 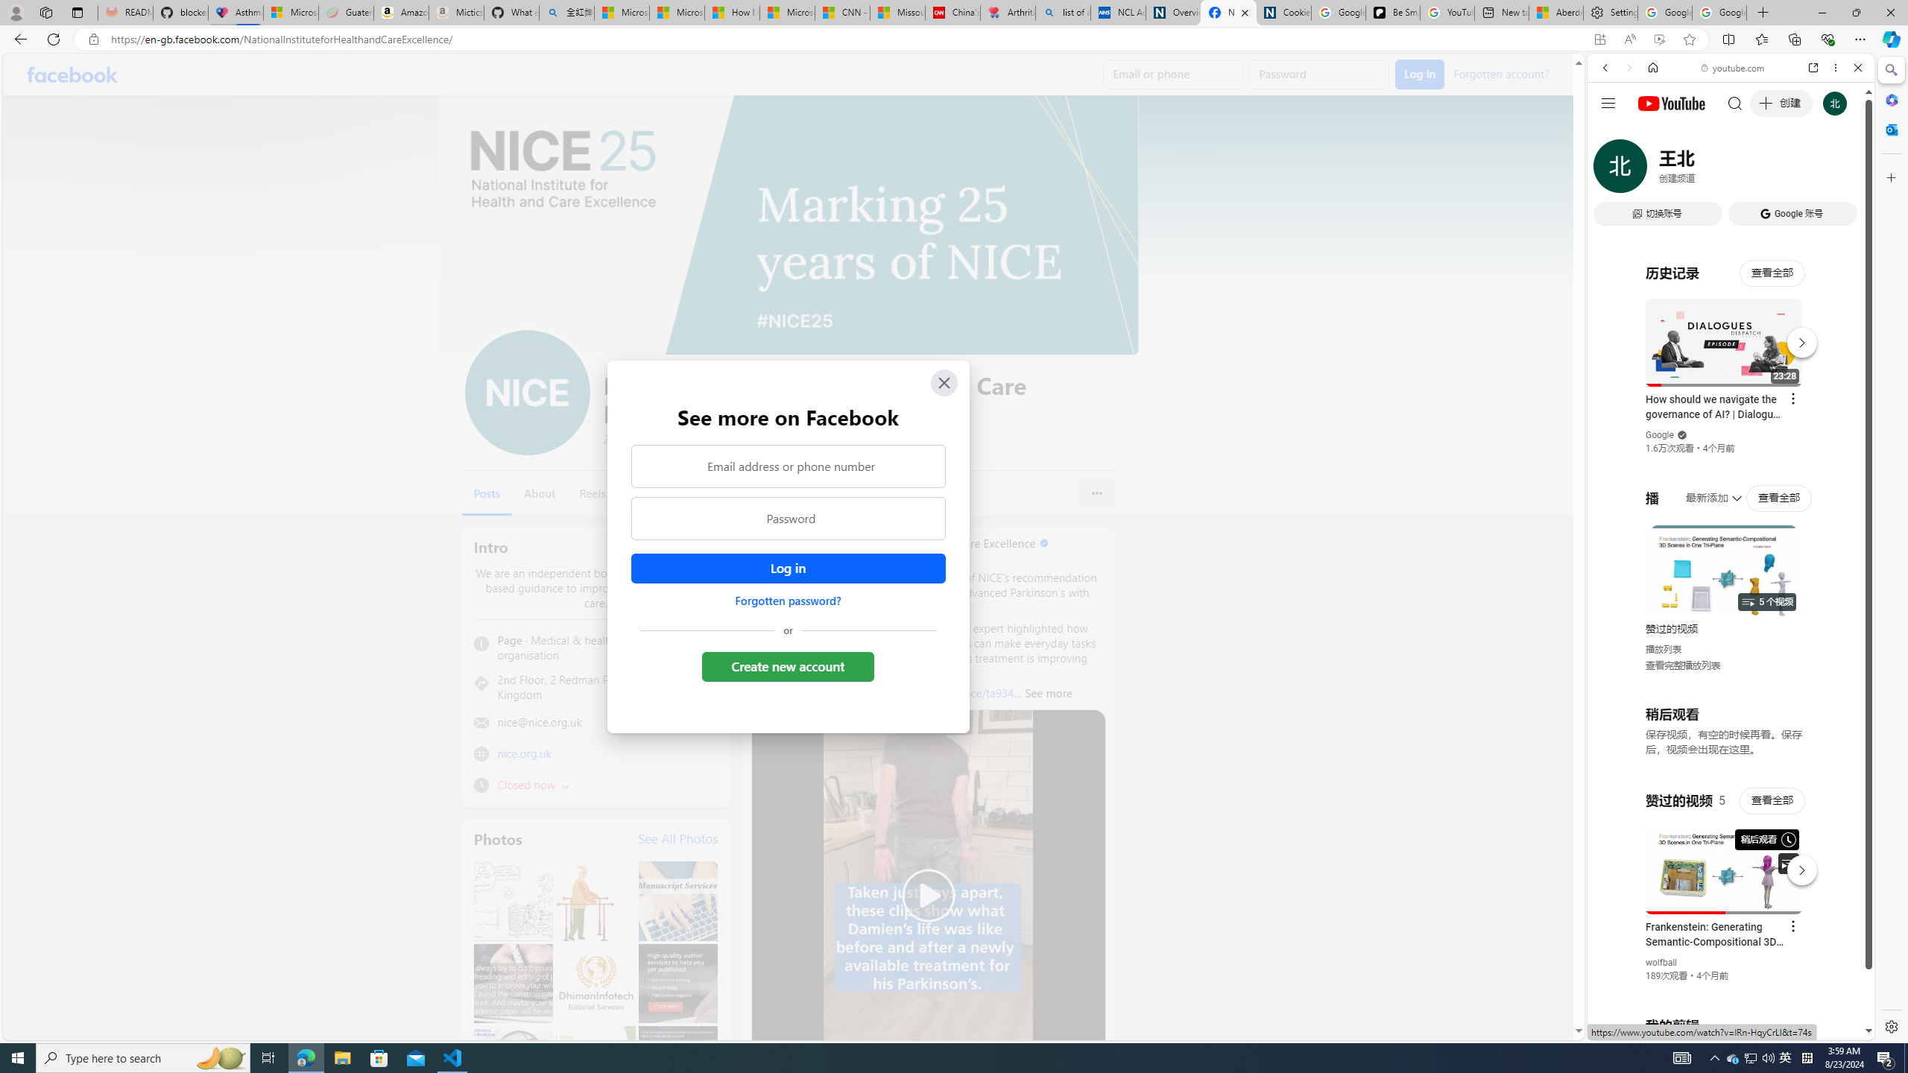 I want to click on 'Asthma Inhalers: Names and Types', so click(x=235, y=12).